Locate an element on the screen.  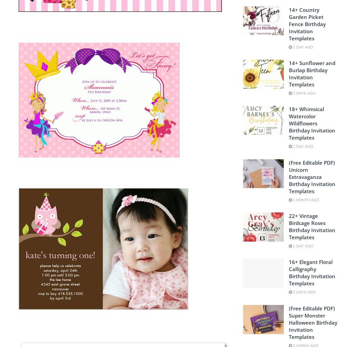
'22+ Vintage Birdcage Roses Birthday Invitation Templates' is located at coordinates (312, 226).